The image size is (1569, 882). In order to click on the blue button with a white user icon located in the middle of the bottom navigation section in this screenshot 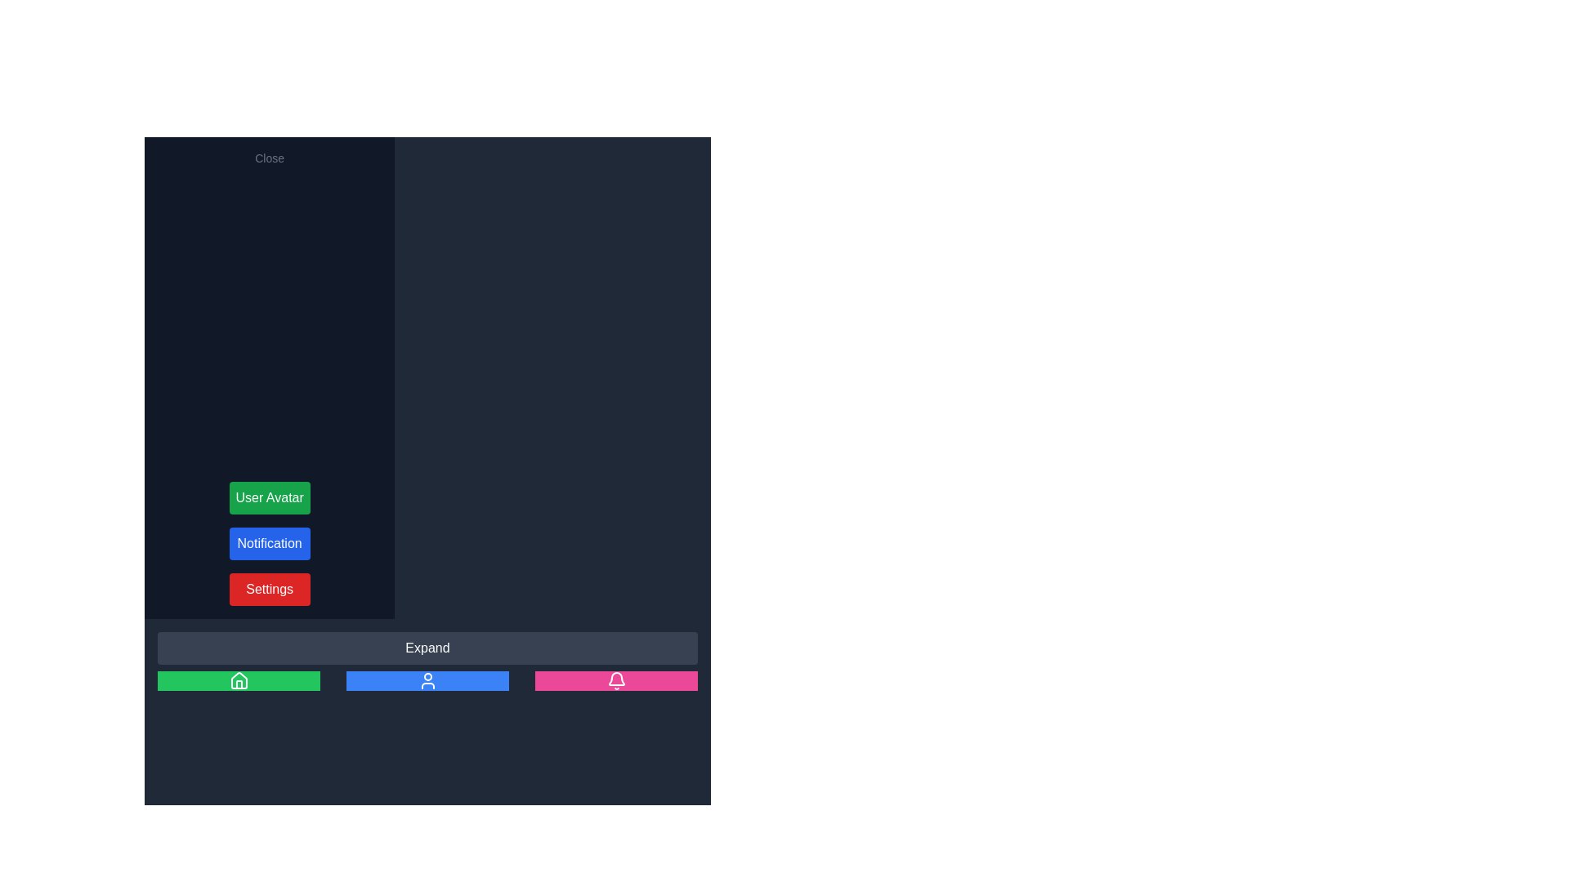, I will do `click(427, 680)`.